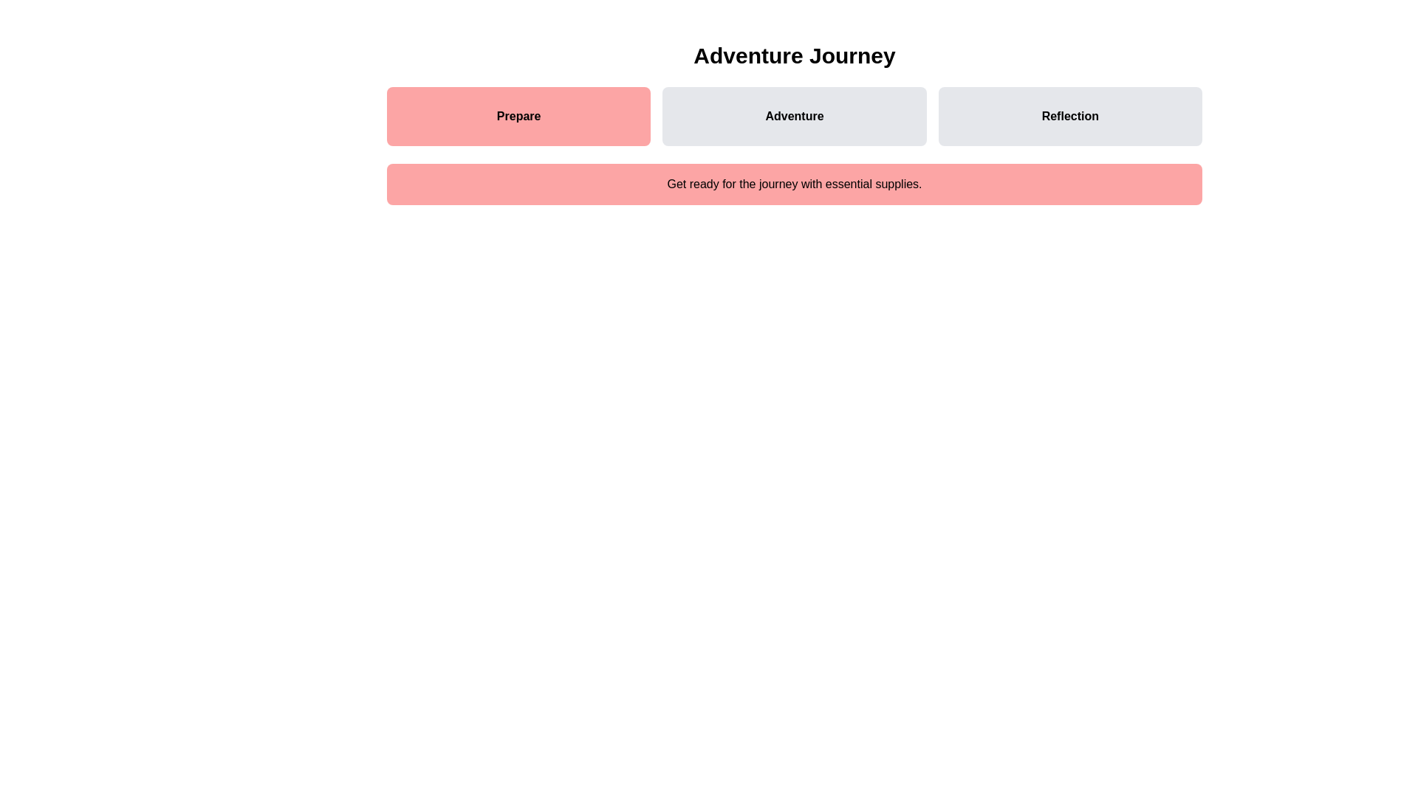 The image size is (1418, 797). I want to click on the Prepare step to navigate to its content, so click(518, 116).